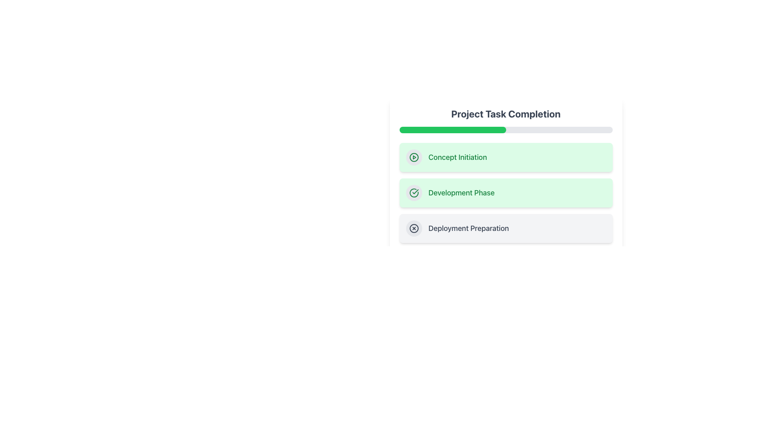  I want to click on the filled green section of the progress bar under the 'Project Task Completion' heading, which occupies the initial 50% of the total bar width, so click(452, 129).